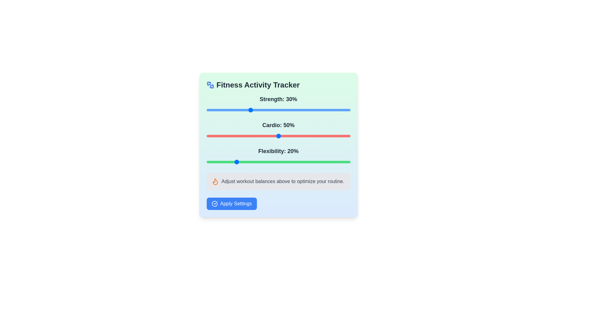  What do you see at coordinates (278, 125) in the screenshot?
I see `the text label displaying 'Cardio: 50%' which is centrally aligned in the fitness tracking interface, positioned above the progress bar` at bounding box center [278, 125].